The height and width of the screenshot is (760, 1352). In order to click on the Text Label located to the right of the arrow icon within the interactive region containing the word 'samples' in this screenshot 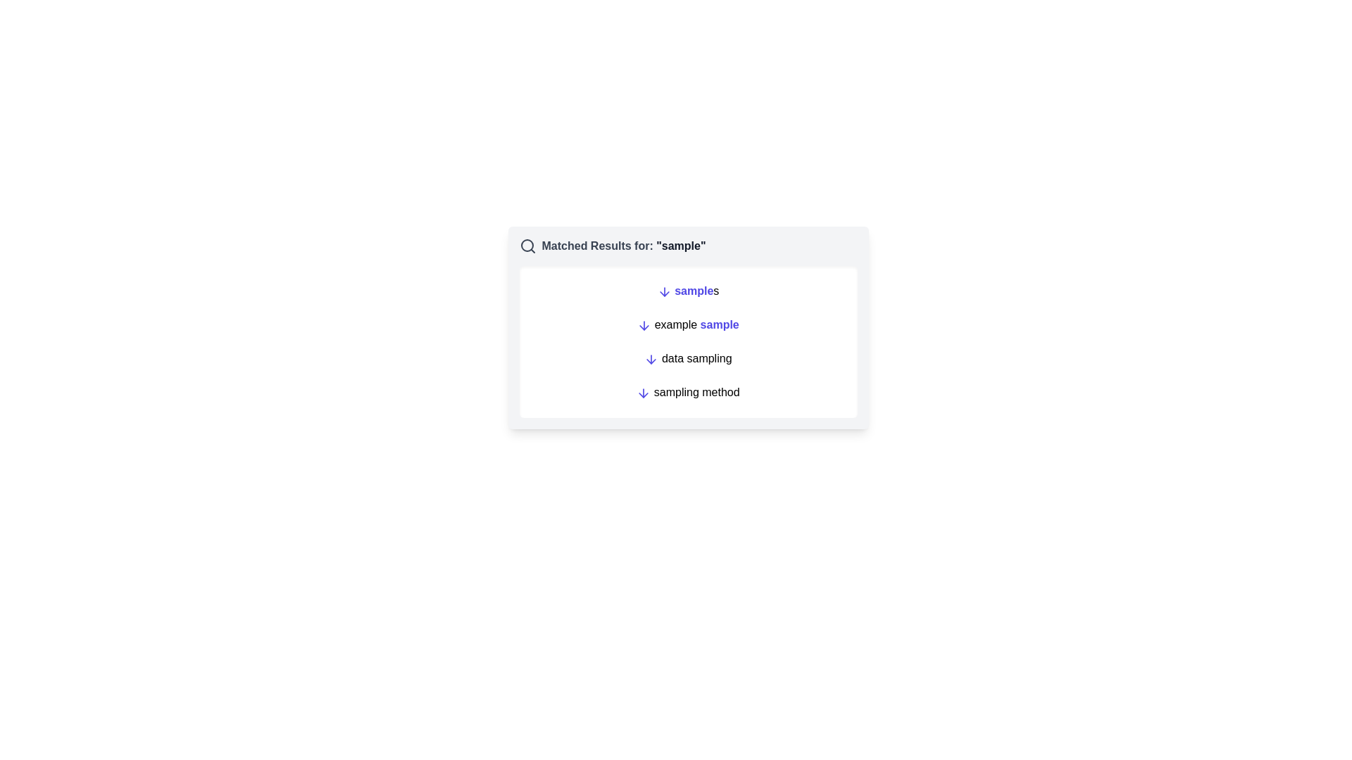, I will do `click(694, 290)`.